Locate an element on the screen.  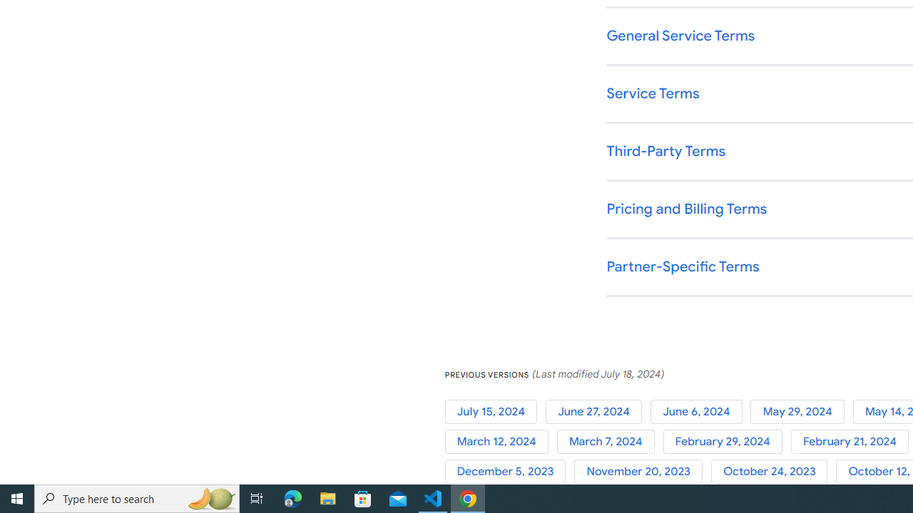
'December 5, 2023' is located at coordinates (509, 472).